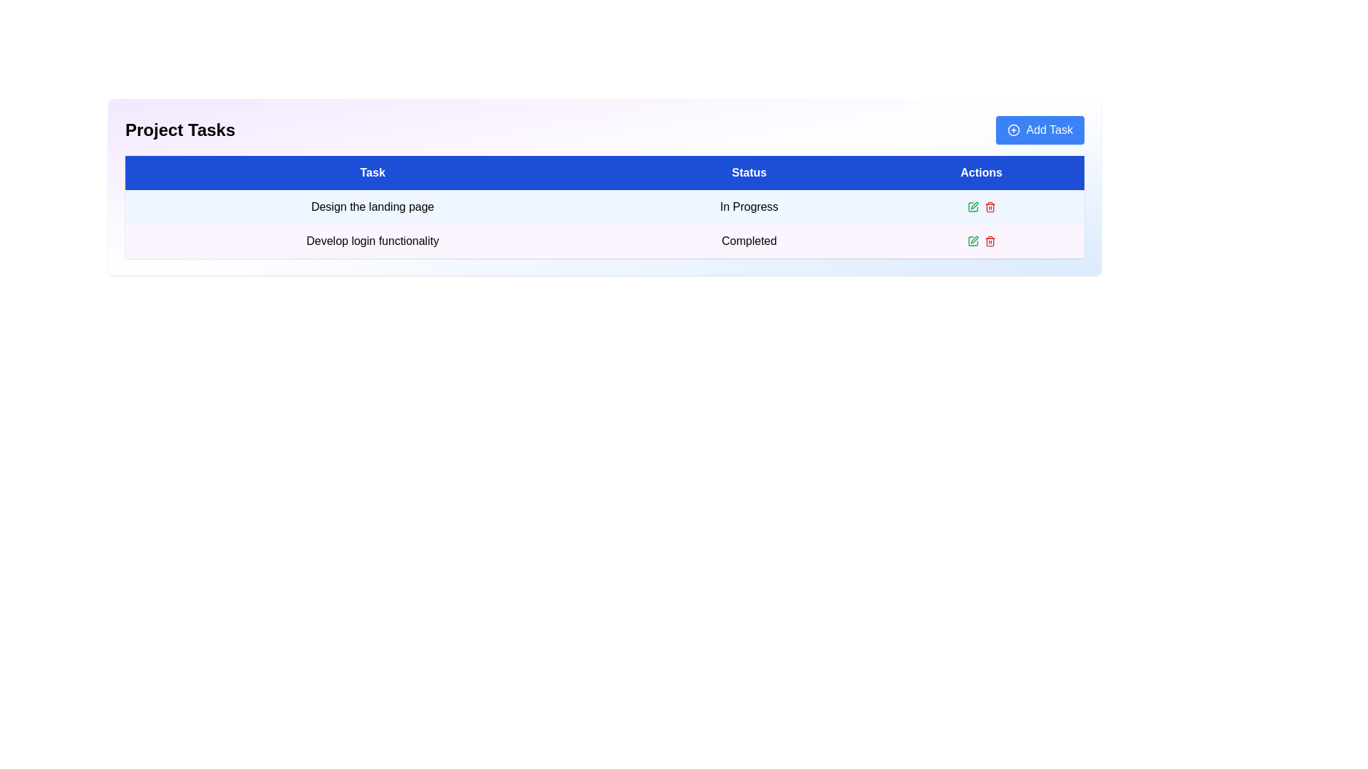 The height and width of the screenshot is (769, 1368). I want to click on the SVG graphic element that resembles part of an interface icon in the 'Actions' column of the second row of the table, so click(972, 241).